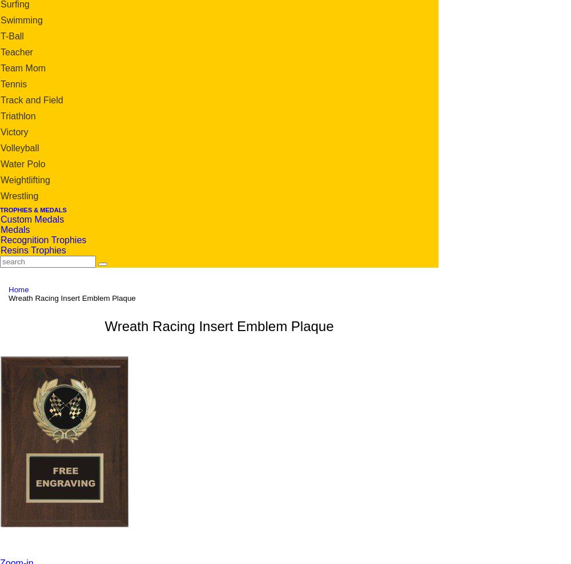  I want to click on 'Water Polo', so click(23, 163).